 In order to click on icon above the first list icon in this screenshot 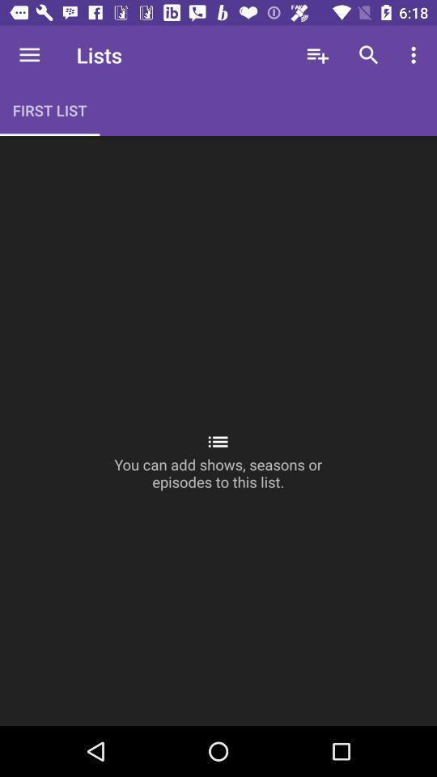, I will do `click(29, 55)`.